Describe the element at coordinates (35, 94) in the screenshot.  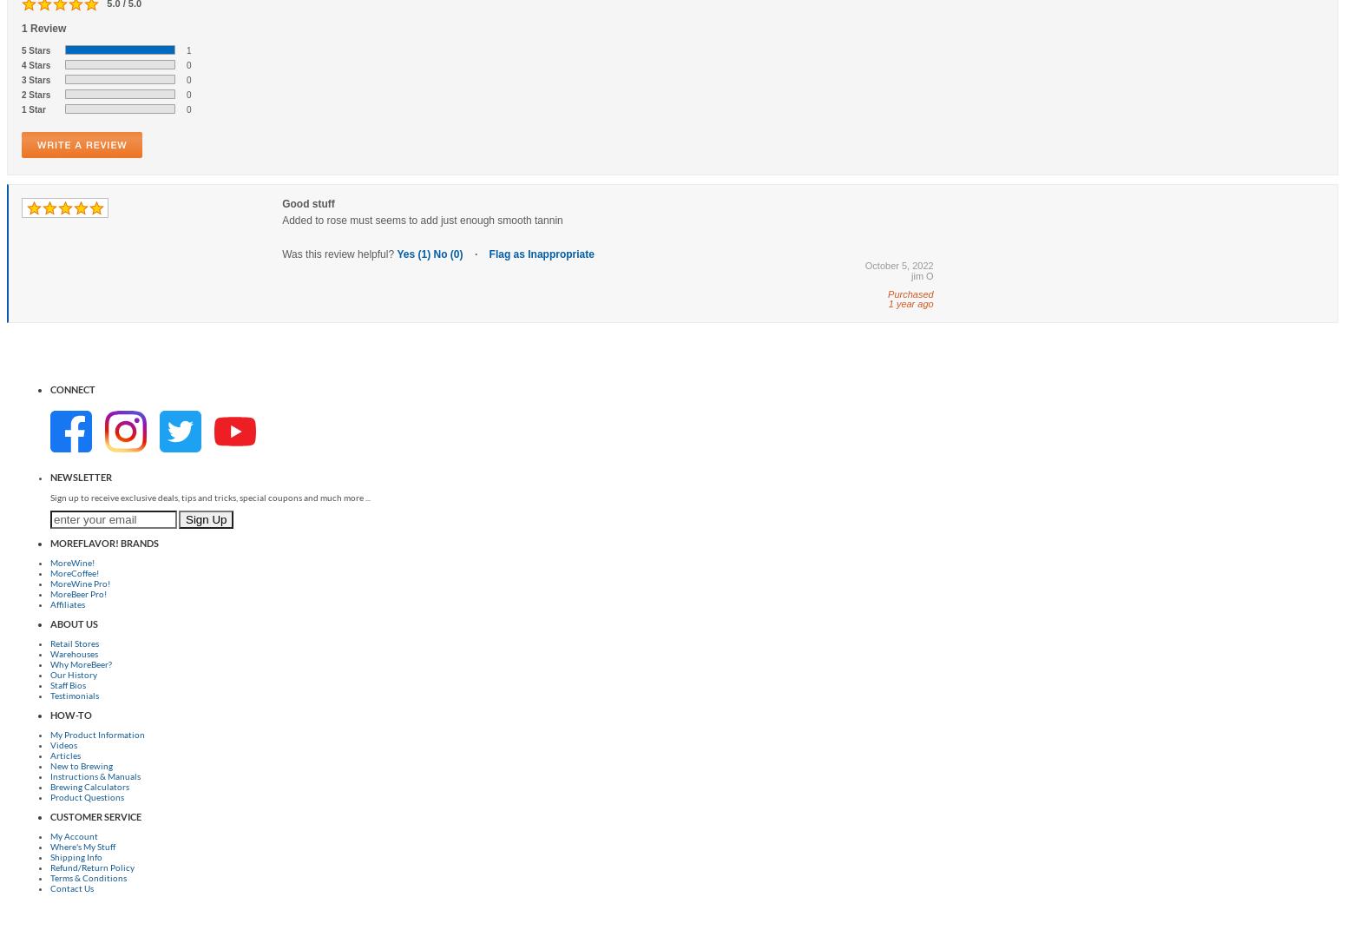
I see `'2 Stars'` at that location.